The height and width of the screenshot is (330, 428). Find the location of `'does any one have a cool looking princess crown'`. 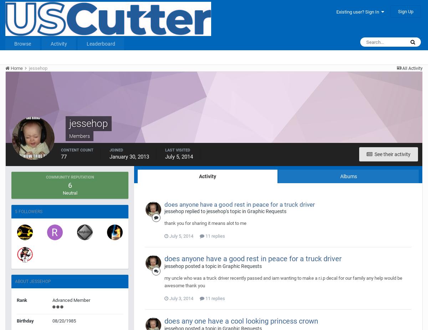

'does any one have a cool looking princess crown' is located at coordinates (241, 320).